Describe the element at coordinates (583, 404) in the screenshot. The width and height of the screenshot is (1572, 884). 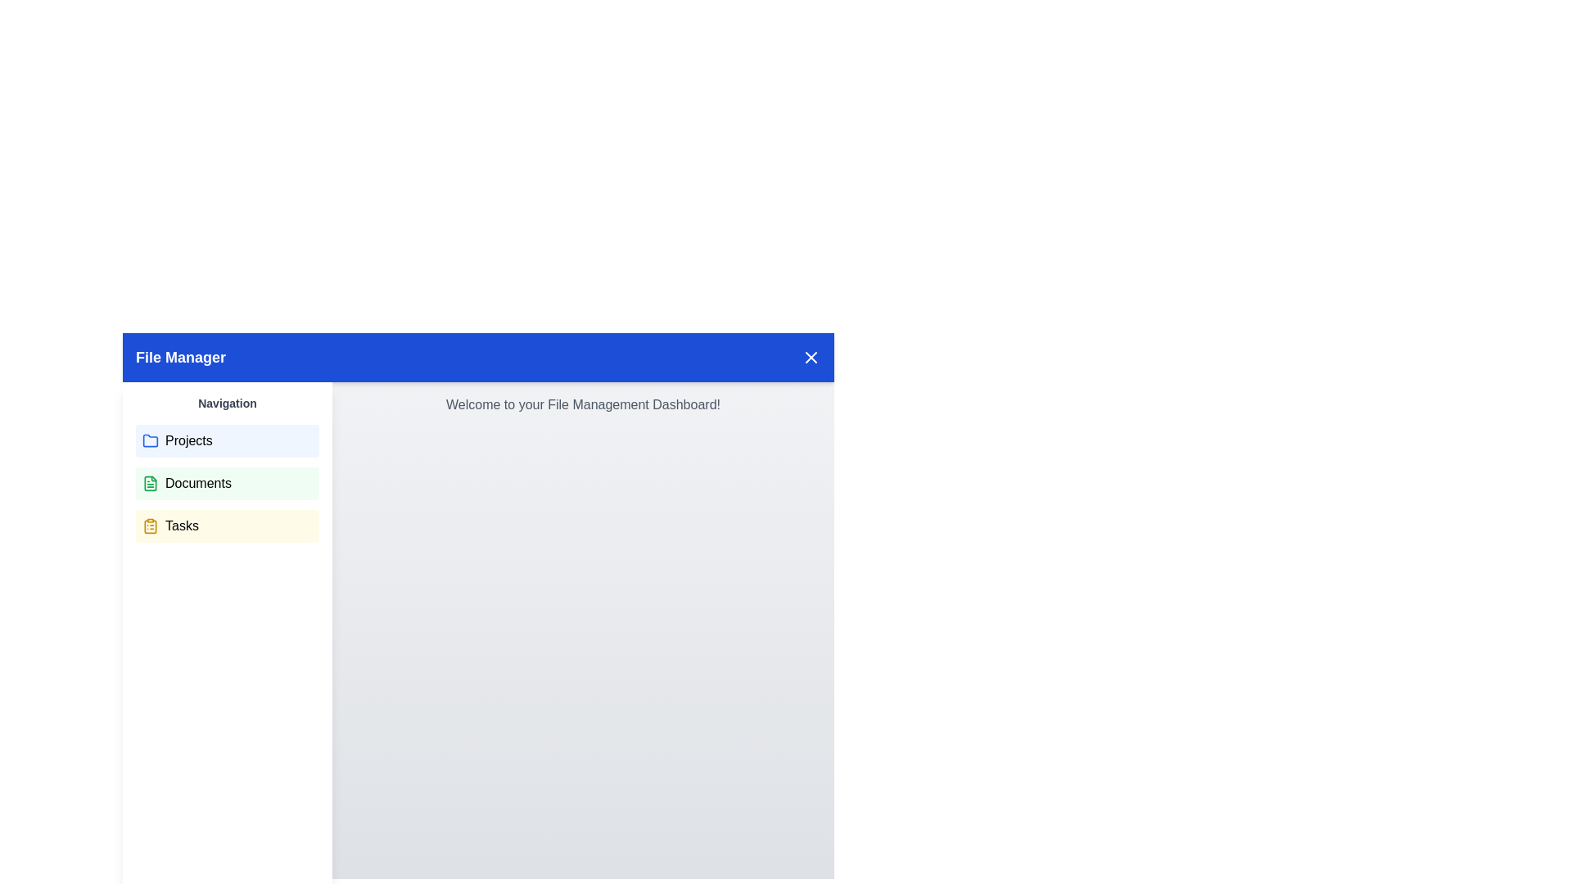
I see `welcome message text label located in the upper central region of the File Management Dashboard interface, directly below the blue header bar` at that location.